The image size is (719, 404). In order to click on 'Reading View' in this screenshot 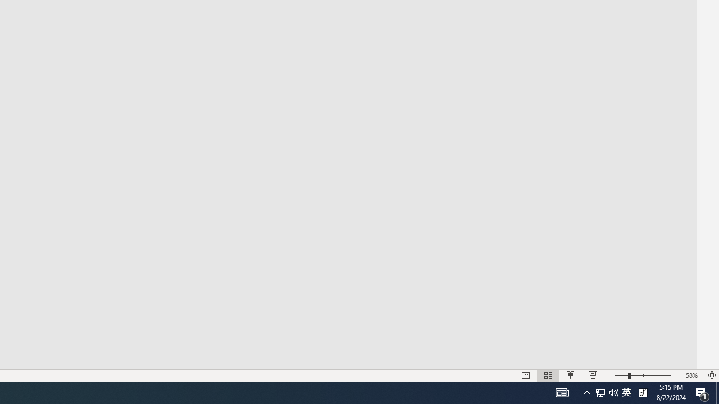, I will do `click(570, 375)`.